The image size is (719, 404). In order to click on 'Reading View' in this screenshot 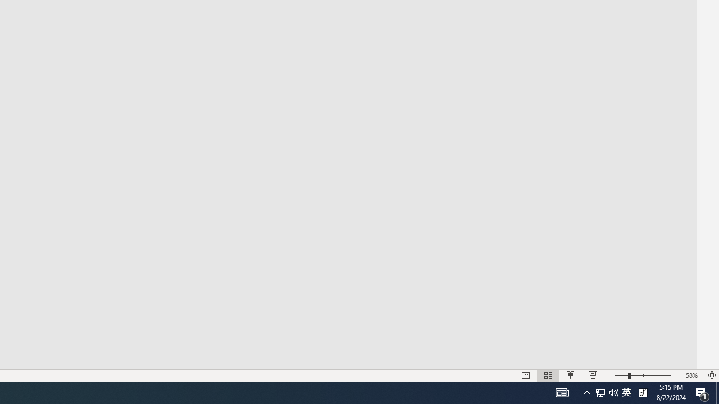, I will do `click(570, 375)`.